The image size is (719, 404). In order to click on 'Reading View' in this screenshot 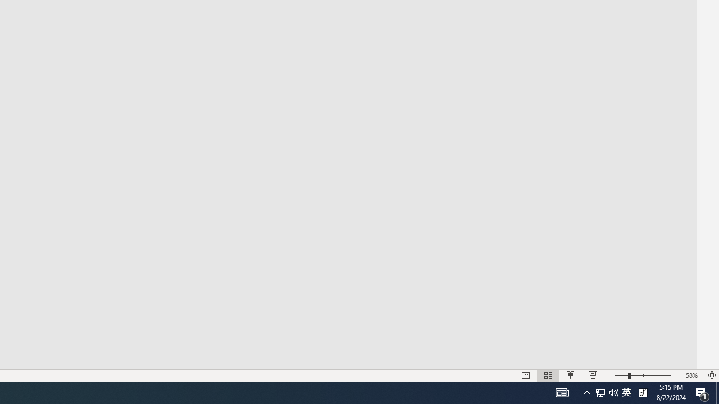, I will do `click(570, 375)`.